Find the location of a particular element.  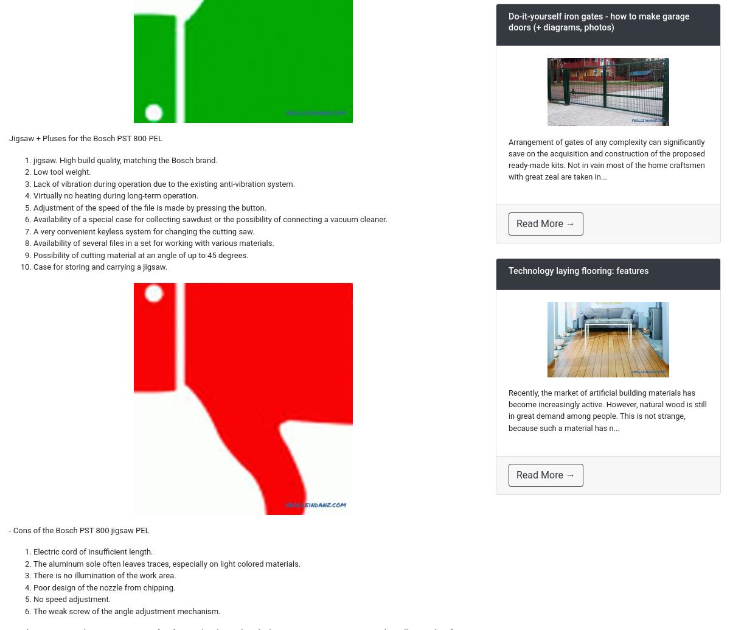

'Technology laying flooring: features' is located at coordinates (508, 271).